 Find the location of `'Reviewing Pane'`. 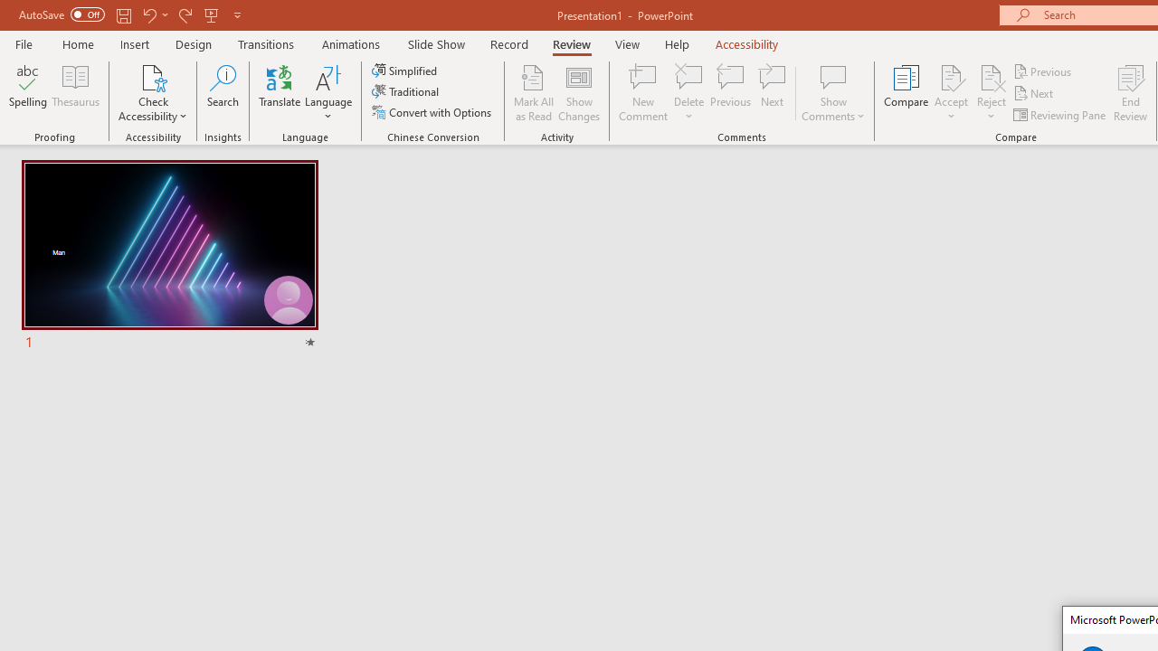

'Reviewing Pane' is located at coordinates (1061, 115).